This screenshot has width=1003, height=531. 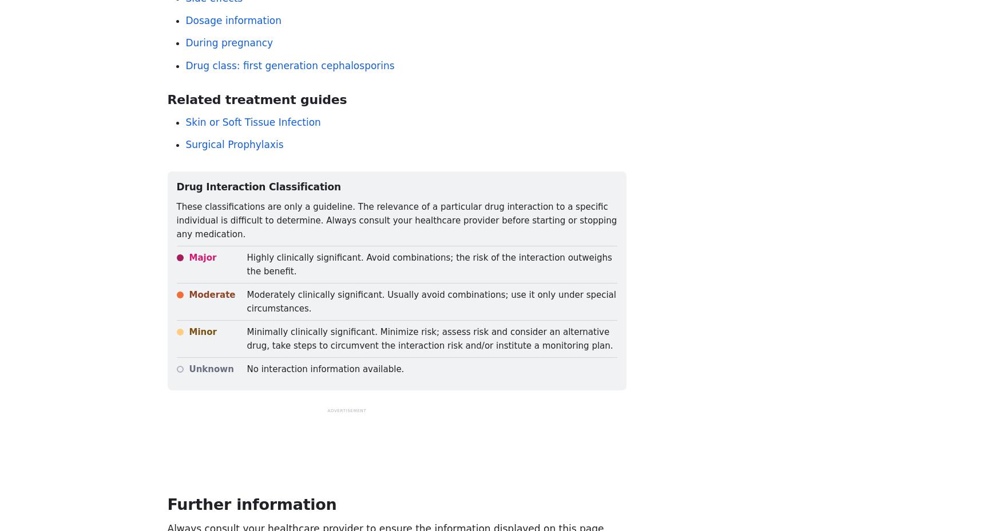 What do you see at coordinates (185, 42) in the screenshot?
I see `'During pregnancy'` at bounding box center [185, 42].